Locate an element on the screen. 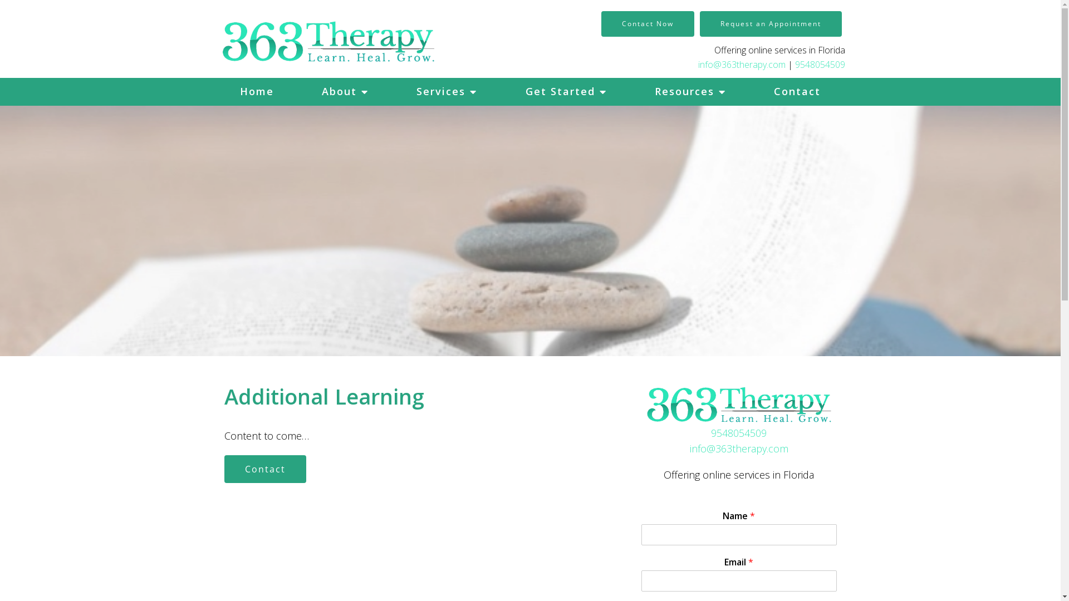  'Resources' is located at coordinates (689, 91).